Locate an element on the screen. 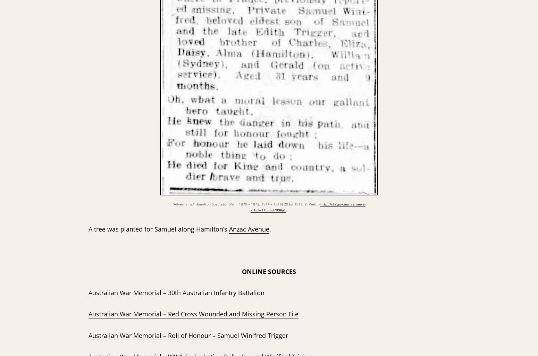  'Australian War Memorial – 30th Australian Infantry Battalion' is located at coordinates (176, 292).